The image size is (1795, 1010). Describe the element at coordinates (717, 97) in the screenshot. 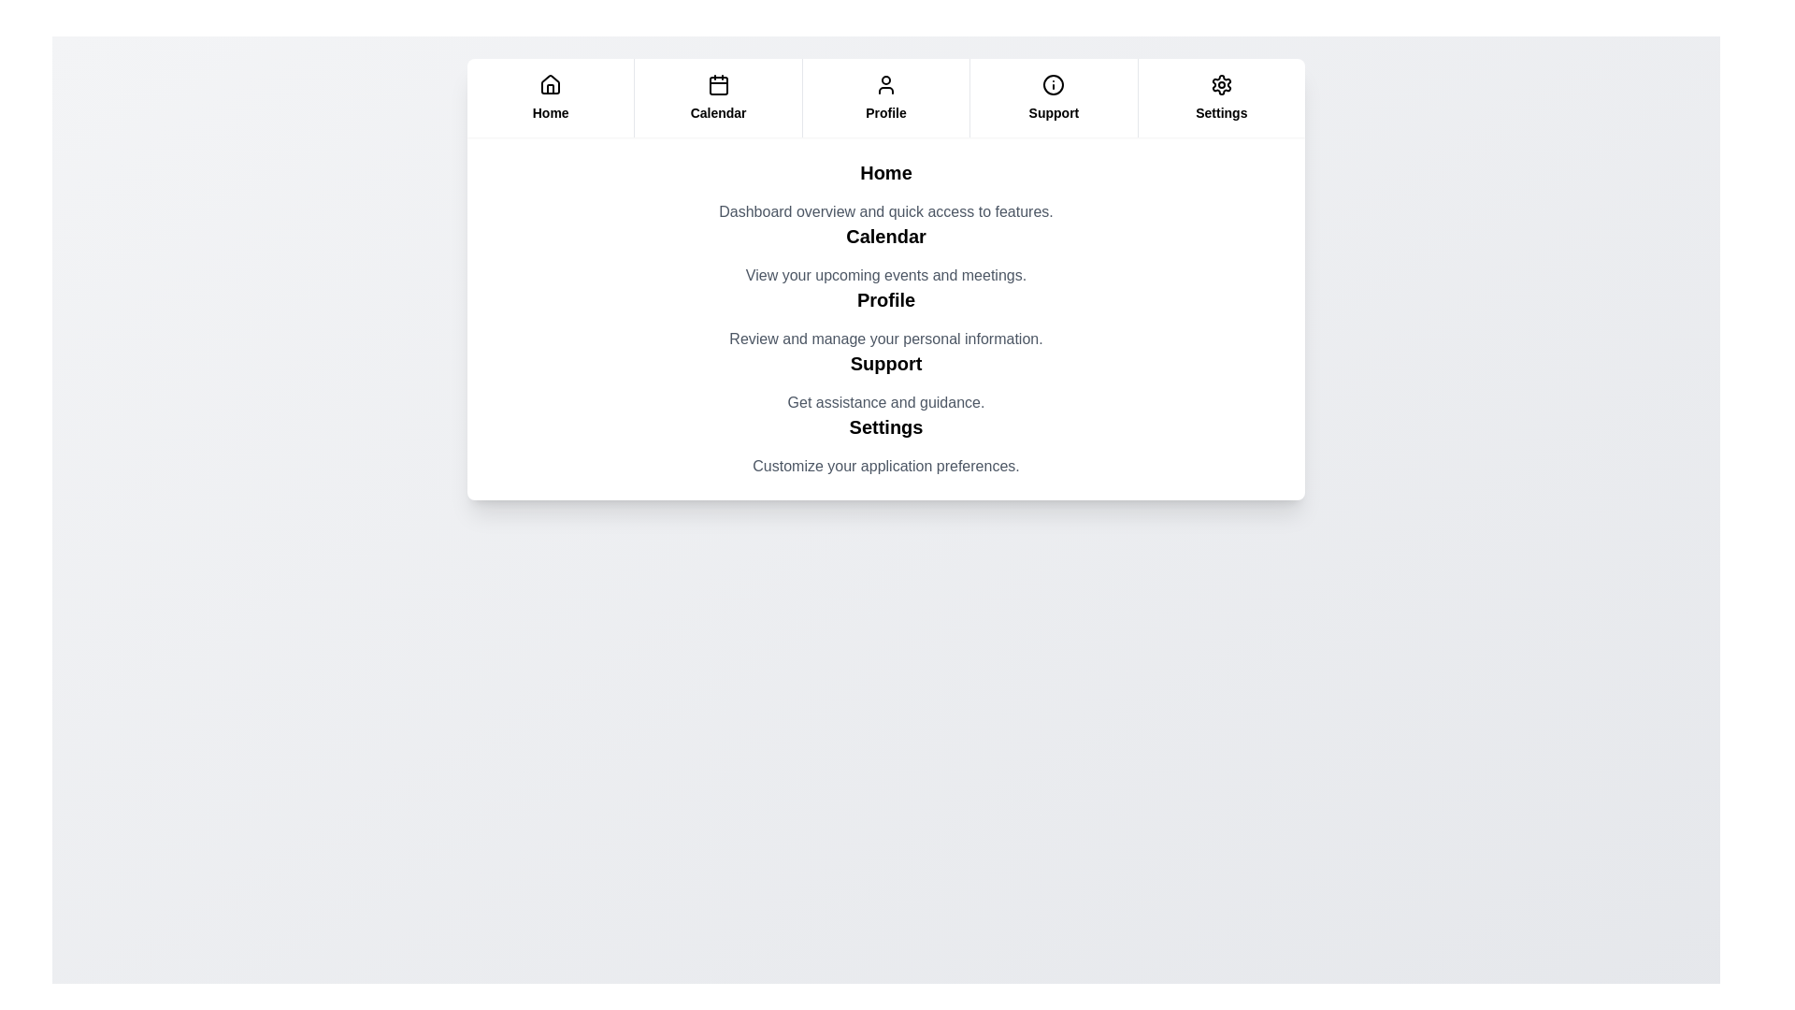

I see `the 'Calendar' Button, which features a calendar icon above the text 'Calendar' in the navigation menu` at that location.